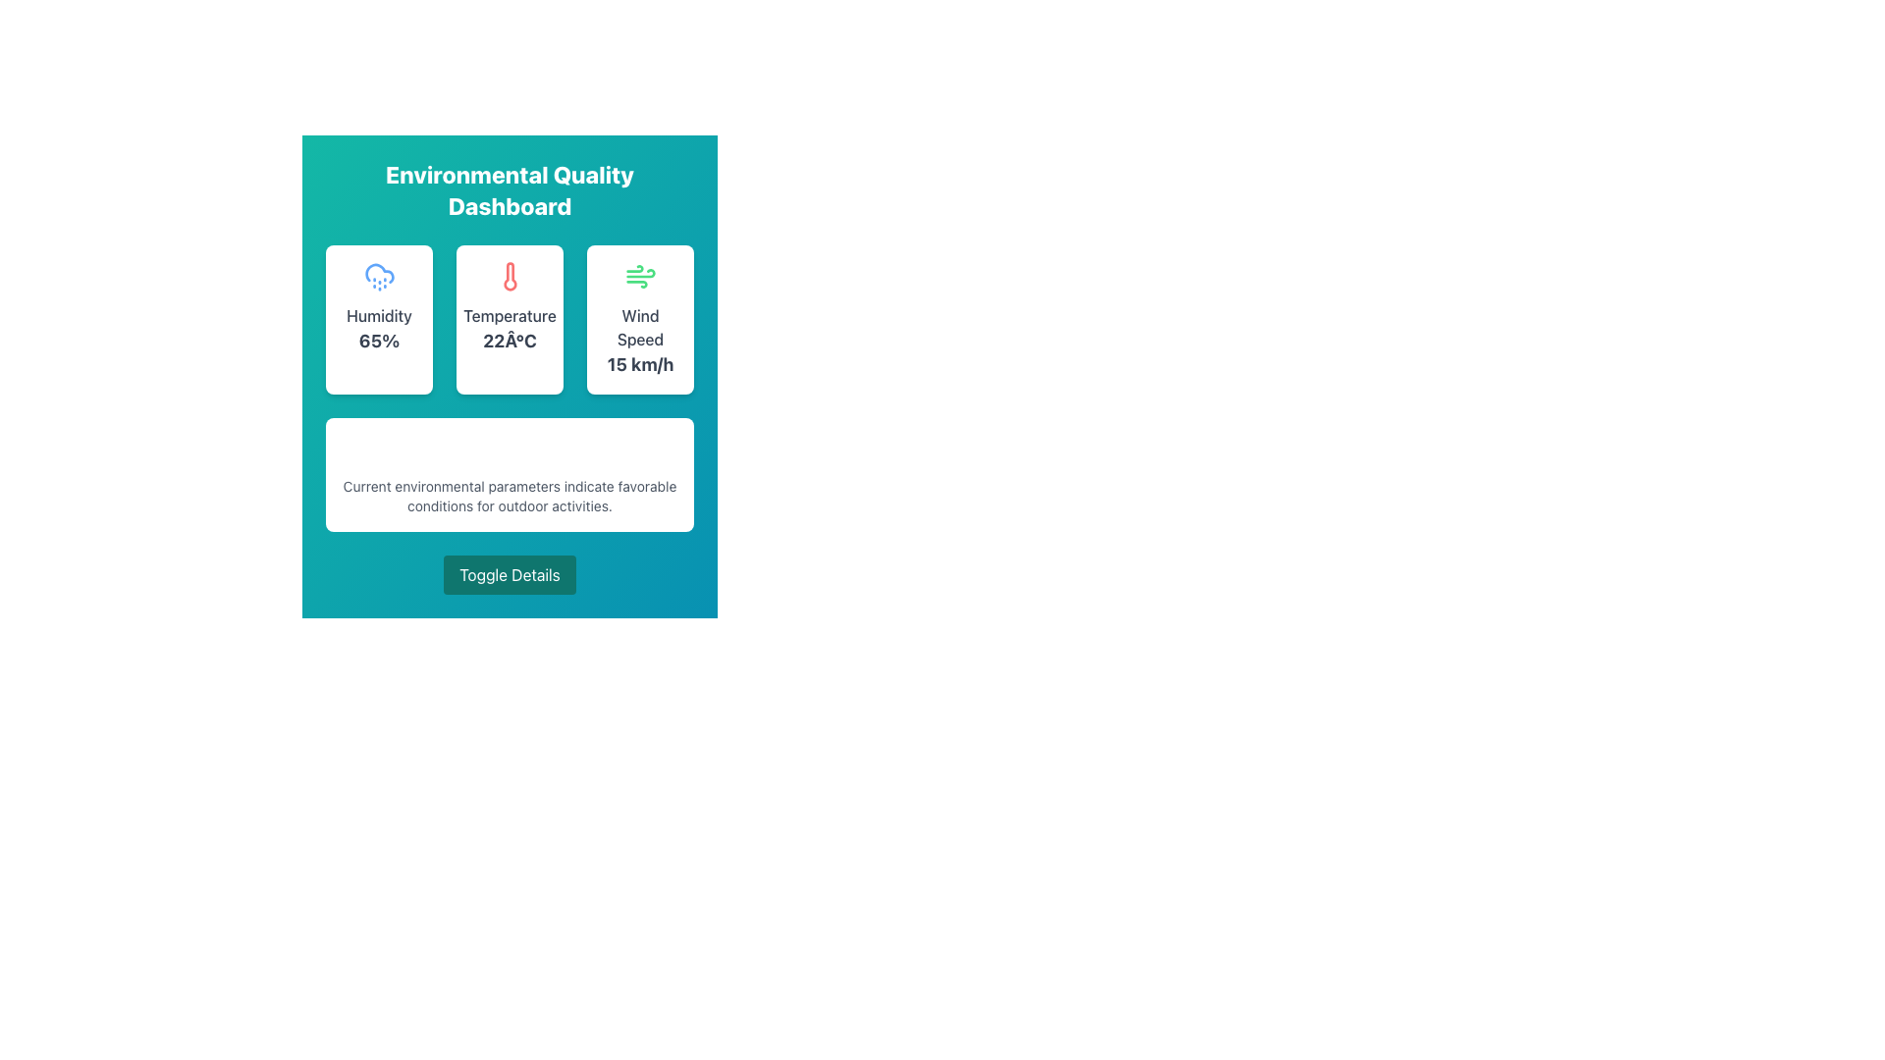 The height and width of the screenshot is (1060, 1885). I want to click on text displayed in the bold and large font style, showing '22°C', which is positioned below the 'Temperature' label within the 'Temperature' card on the dashboard, so click(510, 340).